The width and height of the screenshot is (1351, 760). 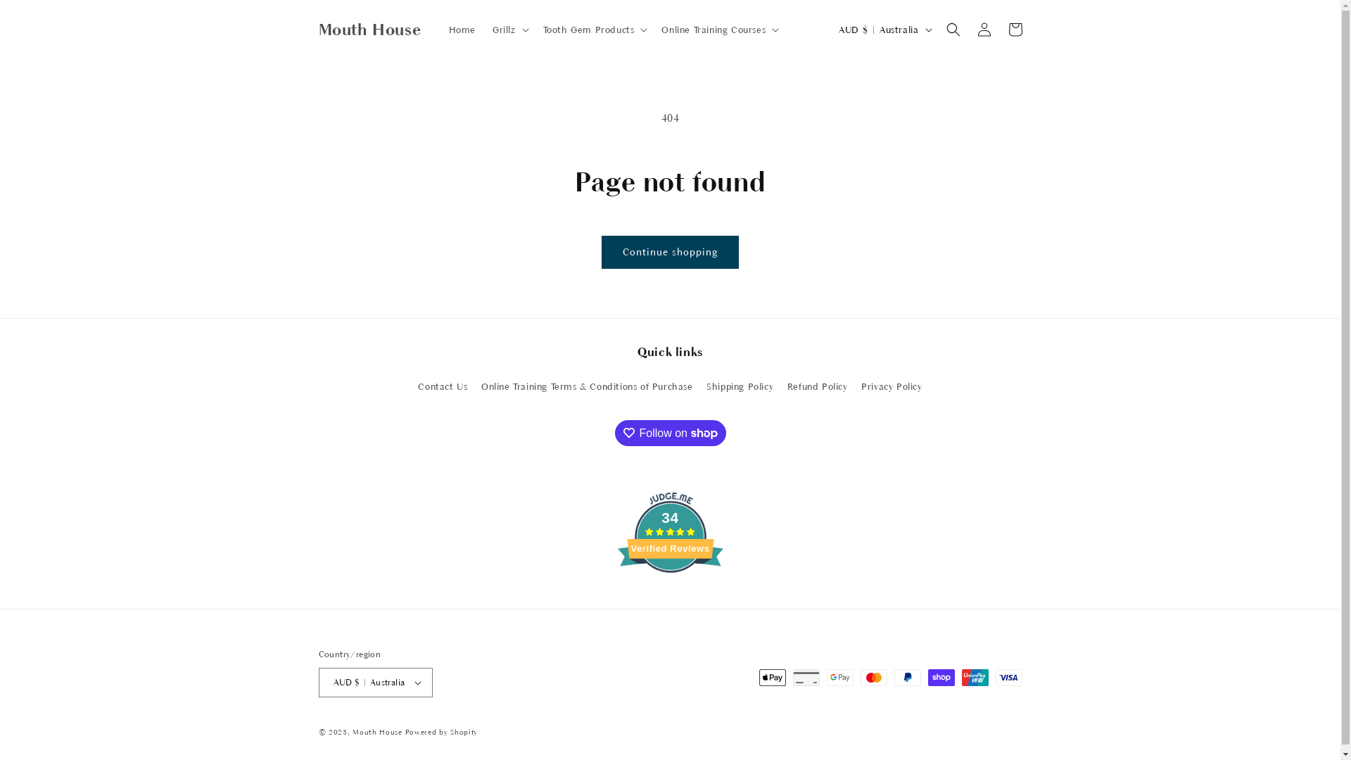 What do you see at coordinates (417, 388) in the screenshot?
I see `'Contact Us'` at bounding box center [417, 388].